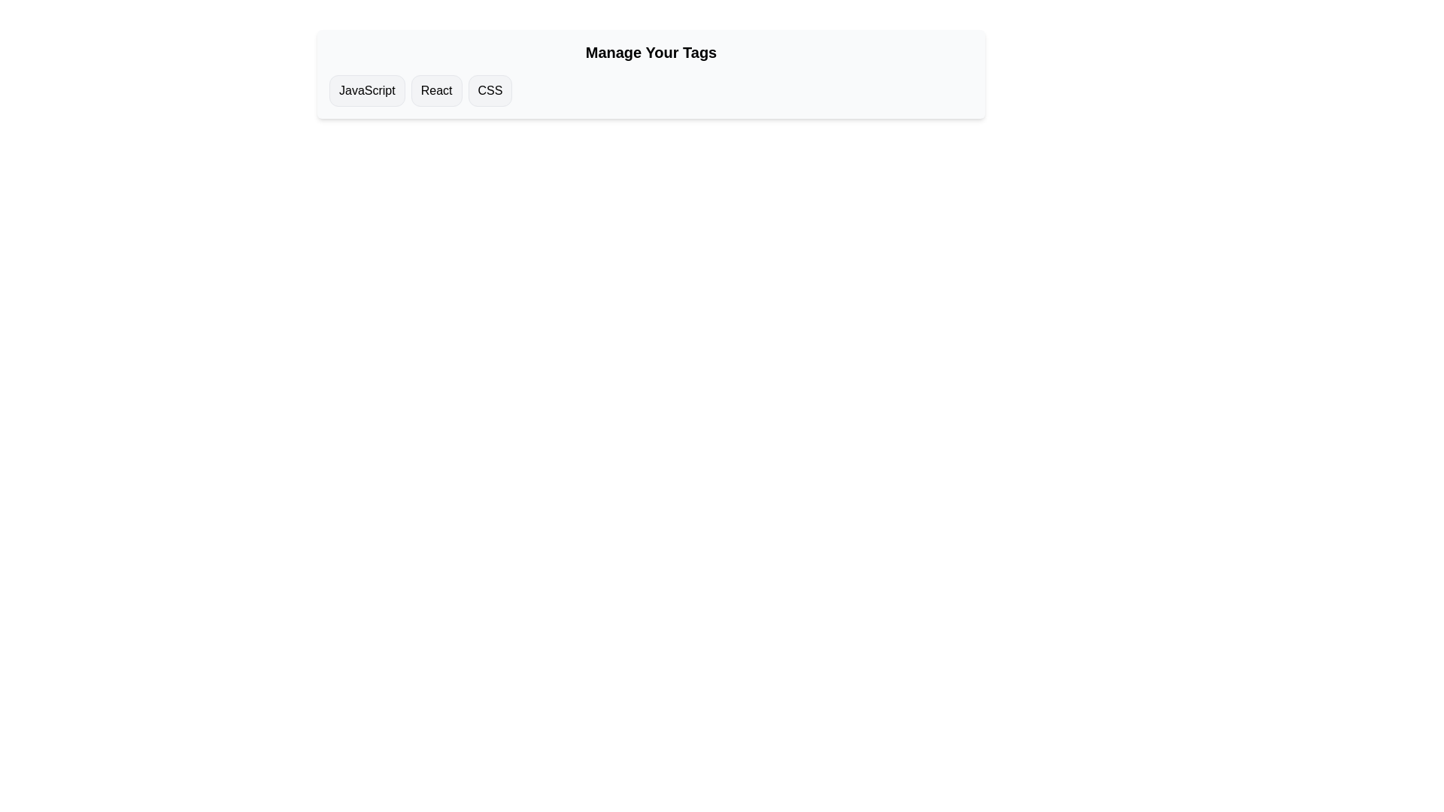  Describe the element at coordinates (490, 90) in the screenshot. I see `the tag labeled CSS to toggle its selection state` at that location.